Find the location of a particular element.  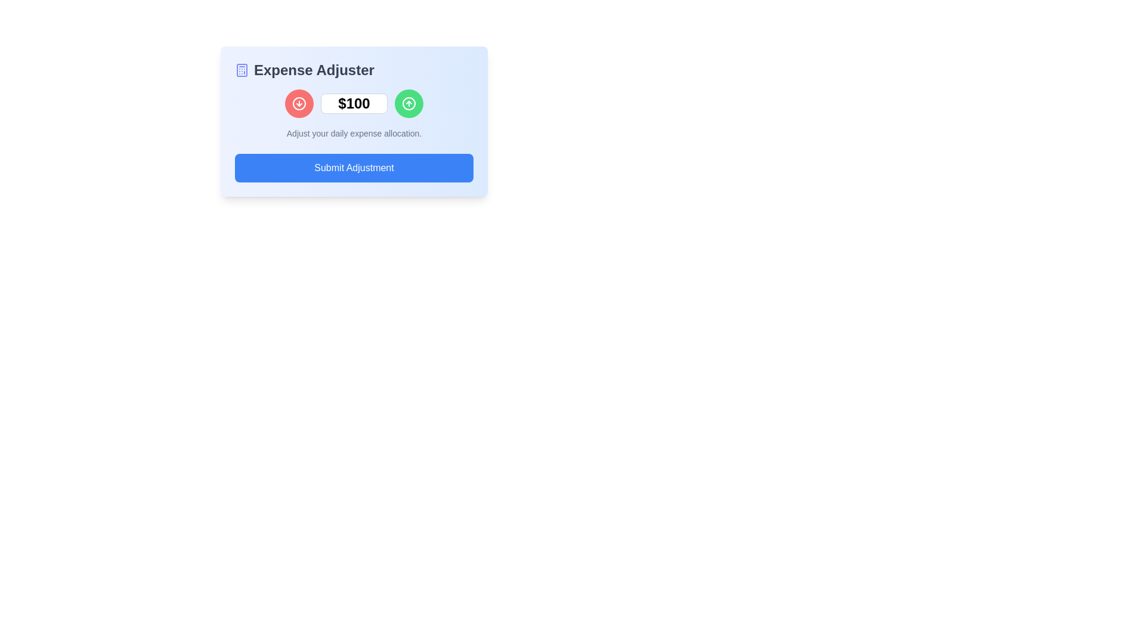

the rounded green button with a white circular border and an up-arrow icon at its center, located to the right of the text input field displaying '$100' in the 'Expense Adjuster' card, to increase the value is located at coordinates (409, 103).